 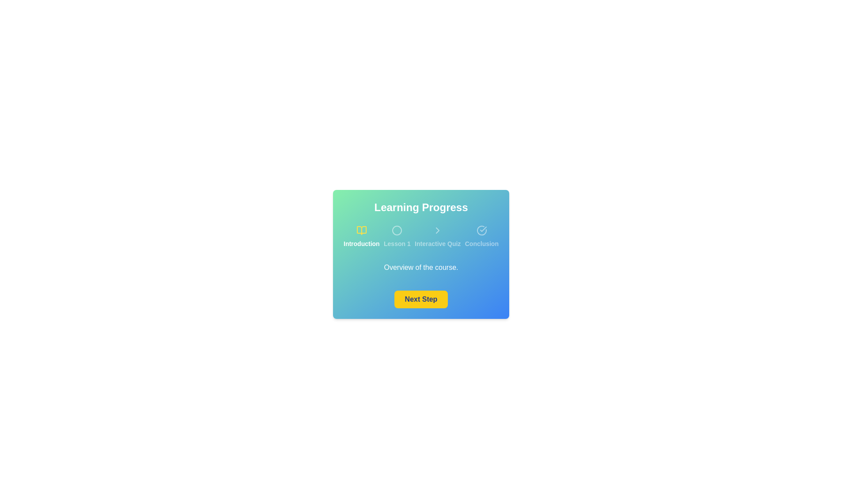 What do you see at coordinates (361, 230) in the screenshot?
I see `the 'Introduction' icon in the 'Learning Progress' card, which is located near the top left and adjacent to the label 'Introduction'` at bounding box center [361, 230].